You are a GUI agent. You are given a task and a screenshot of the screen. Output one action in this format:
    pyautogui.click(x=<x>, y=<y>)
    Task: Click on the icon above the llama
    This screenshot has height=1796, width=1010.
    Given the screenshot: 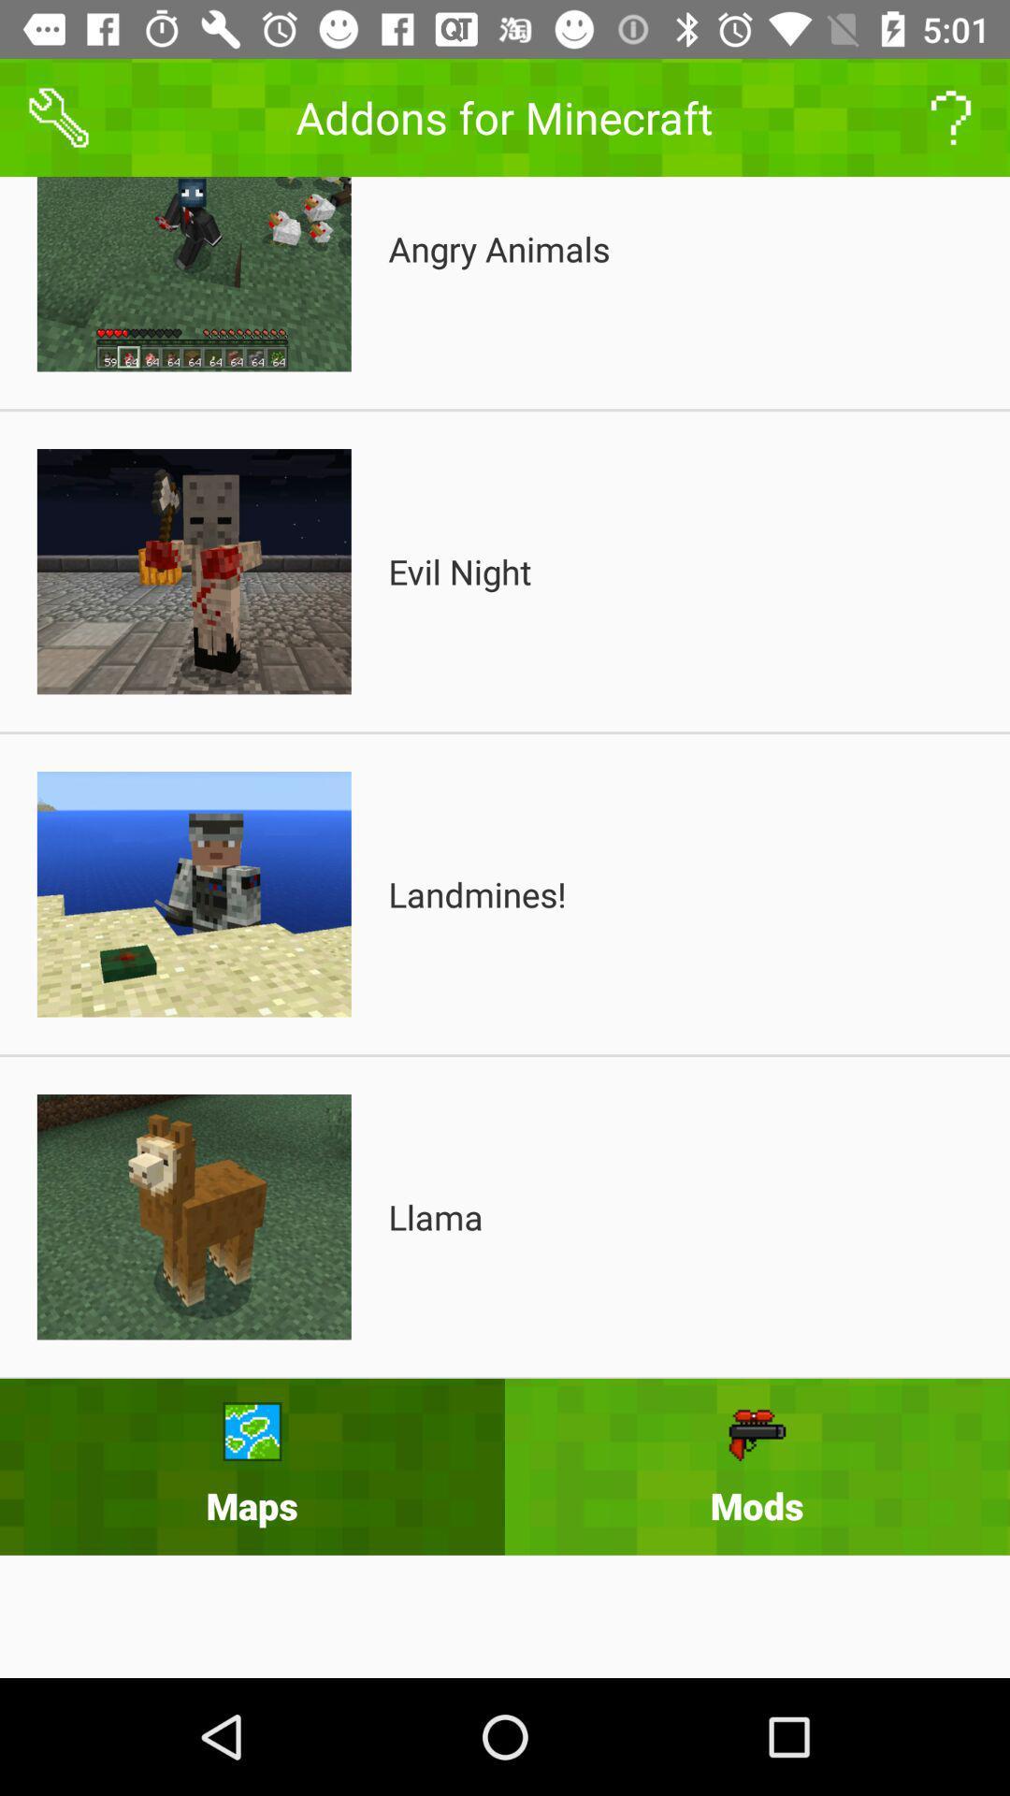 What is the action you would take?
    pyautogui.click(x=476, y=893)
    